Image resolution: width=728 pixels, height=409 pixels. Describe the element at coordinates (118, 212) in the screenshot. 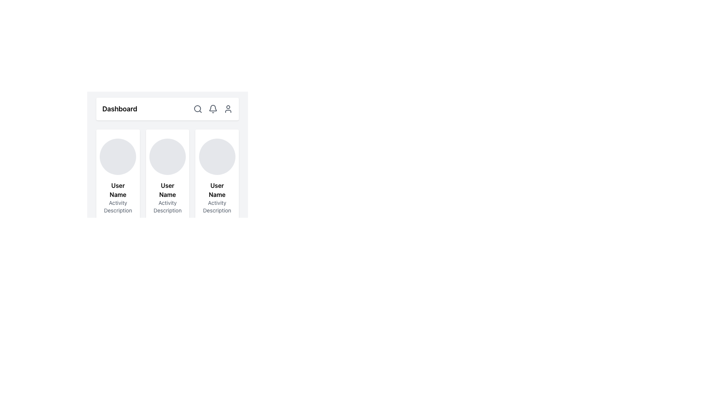

I see `textual information displayed in the Text Display Area, which includes a bold 'User Name' title and a smaller 'Activity Description'` at that location.